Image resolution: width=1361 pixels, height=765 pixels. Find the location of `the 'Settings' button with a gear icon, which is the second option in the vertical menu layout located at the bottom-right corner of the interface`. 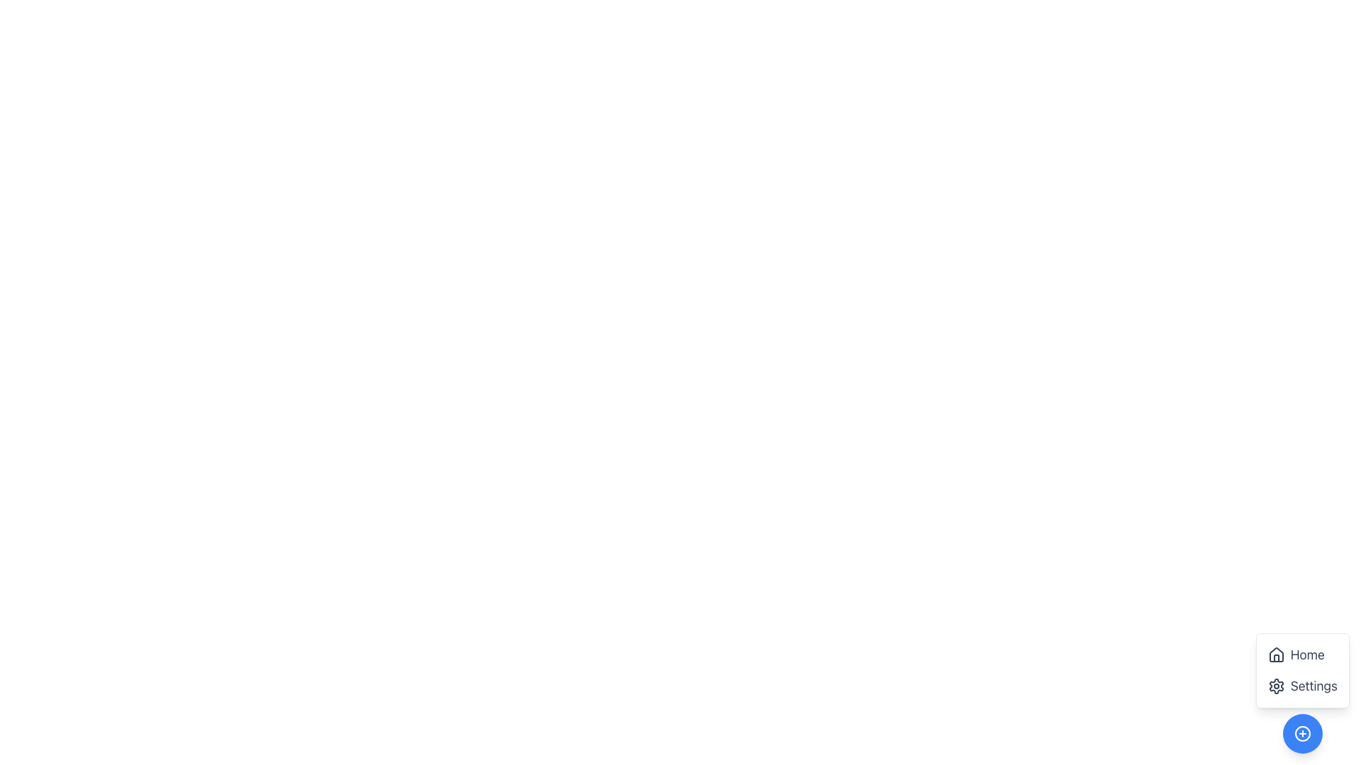

the 'Settings' button with a gear icon, which is the second option in the vertical menu layout located at the bottom-right corner of the interface is located at coordinates (1302, 693).